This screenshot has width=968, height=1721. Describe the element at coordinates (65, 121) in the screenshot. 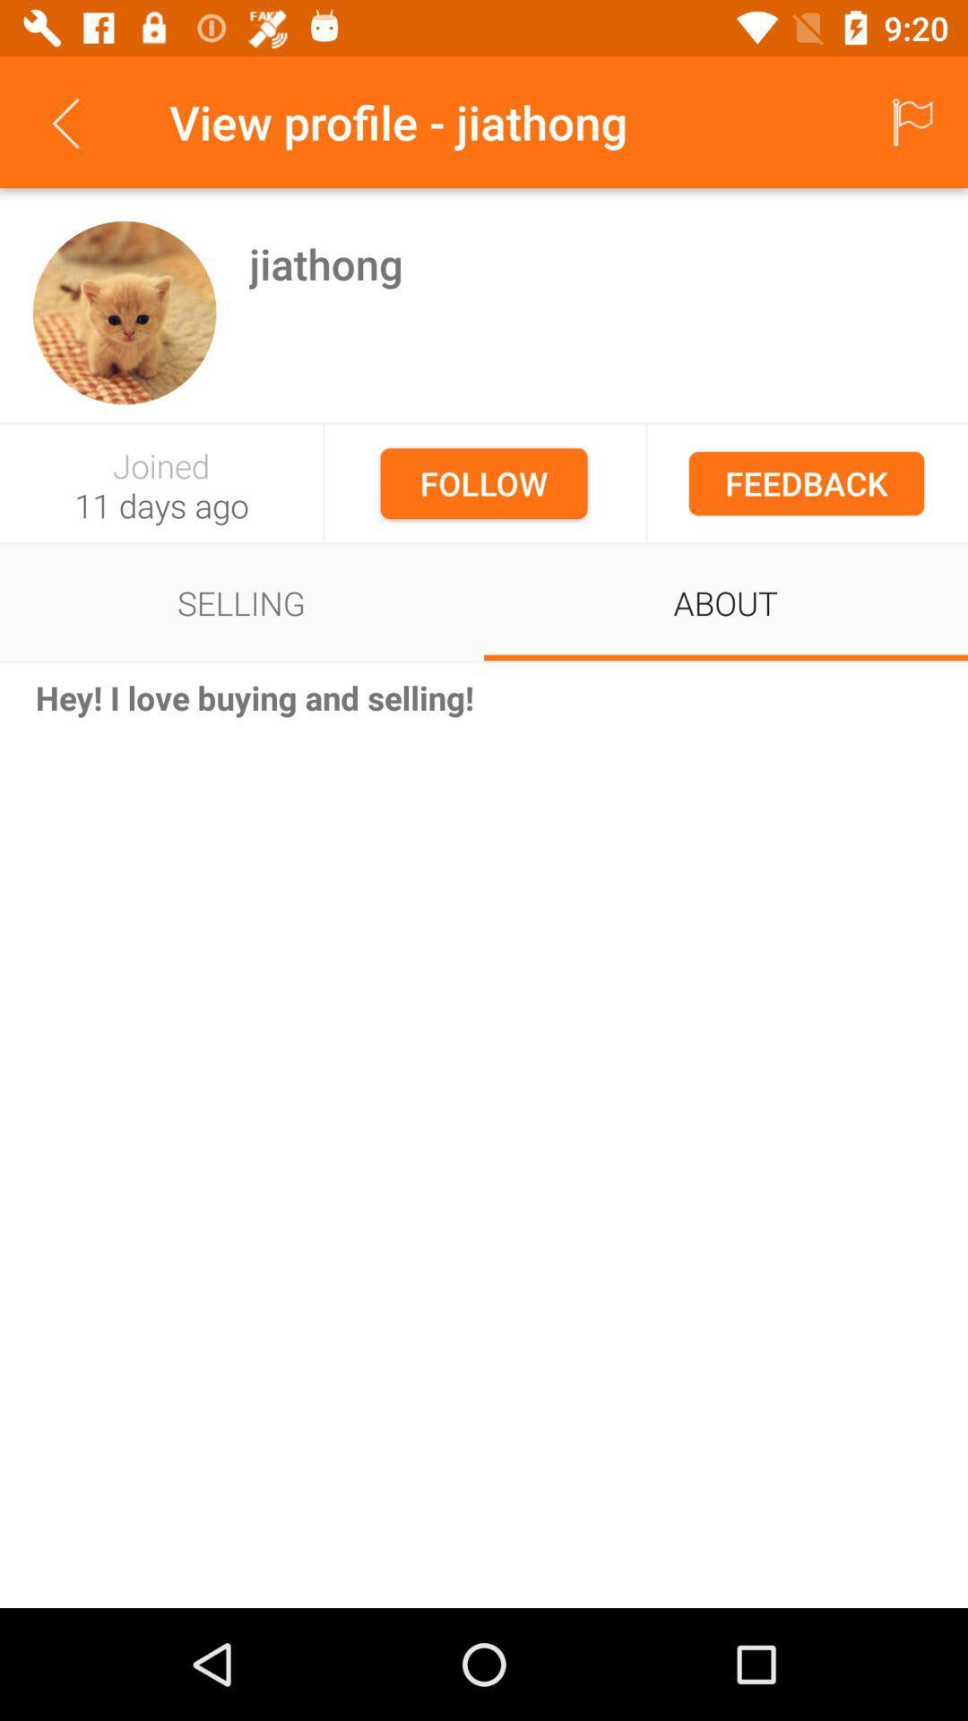

I see `item to the left of the view profile - jiathong` at that location.